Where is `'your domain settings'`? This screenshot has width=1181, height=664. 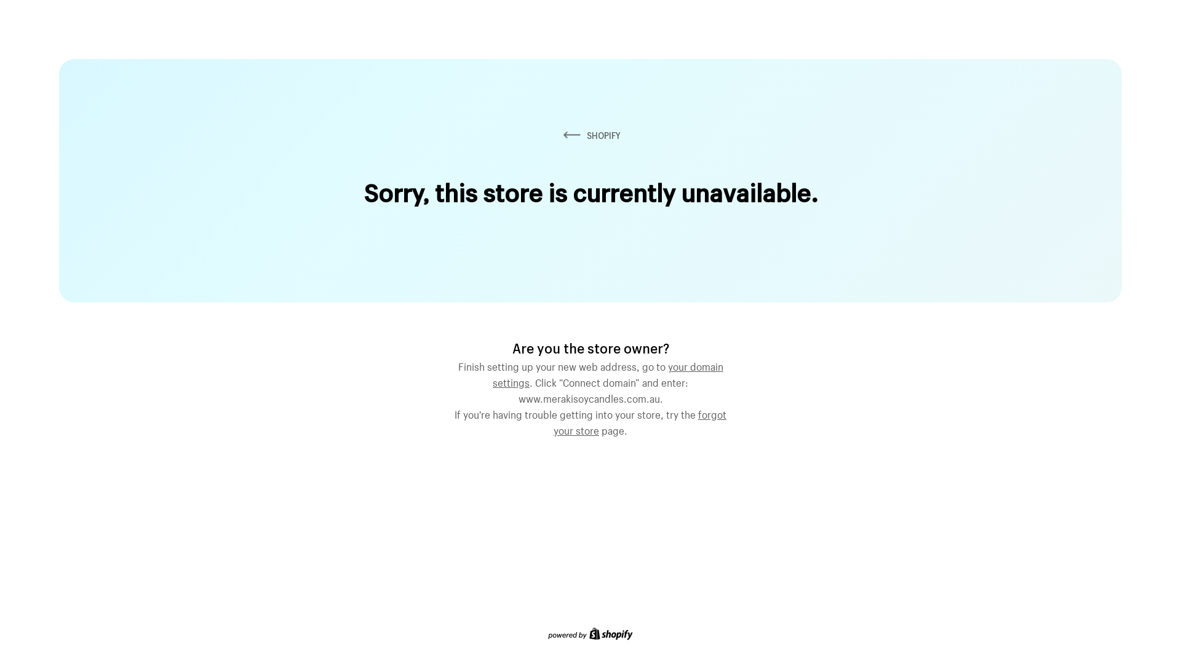 'your domain settings' is located at coordinates (608, 372).